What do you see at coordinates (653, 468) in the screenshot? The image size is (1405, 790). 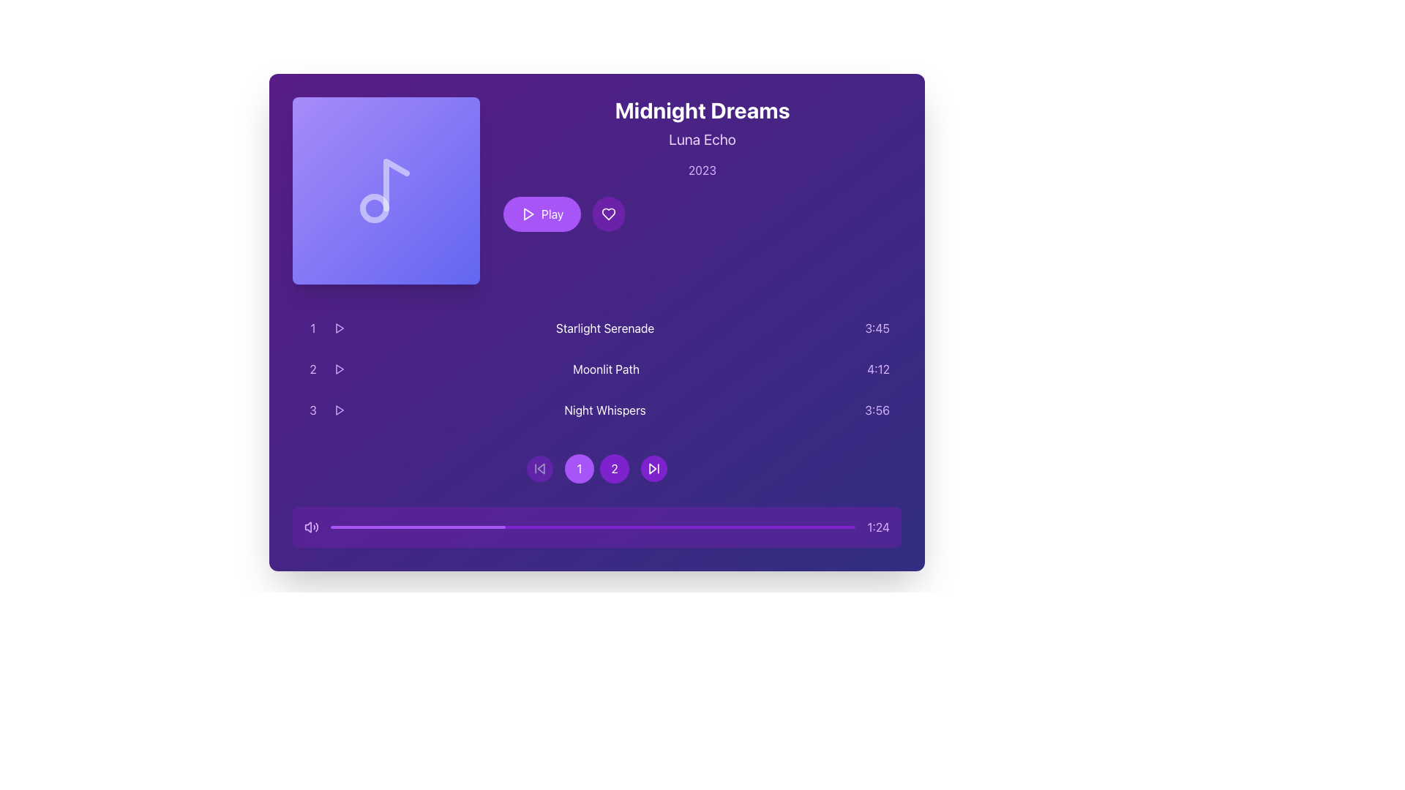 I see `the circular purple button with a forward navigation symbol` at bounding box center [653, 468].